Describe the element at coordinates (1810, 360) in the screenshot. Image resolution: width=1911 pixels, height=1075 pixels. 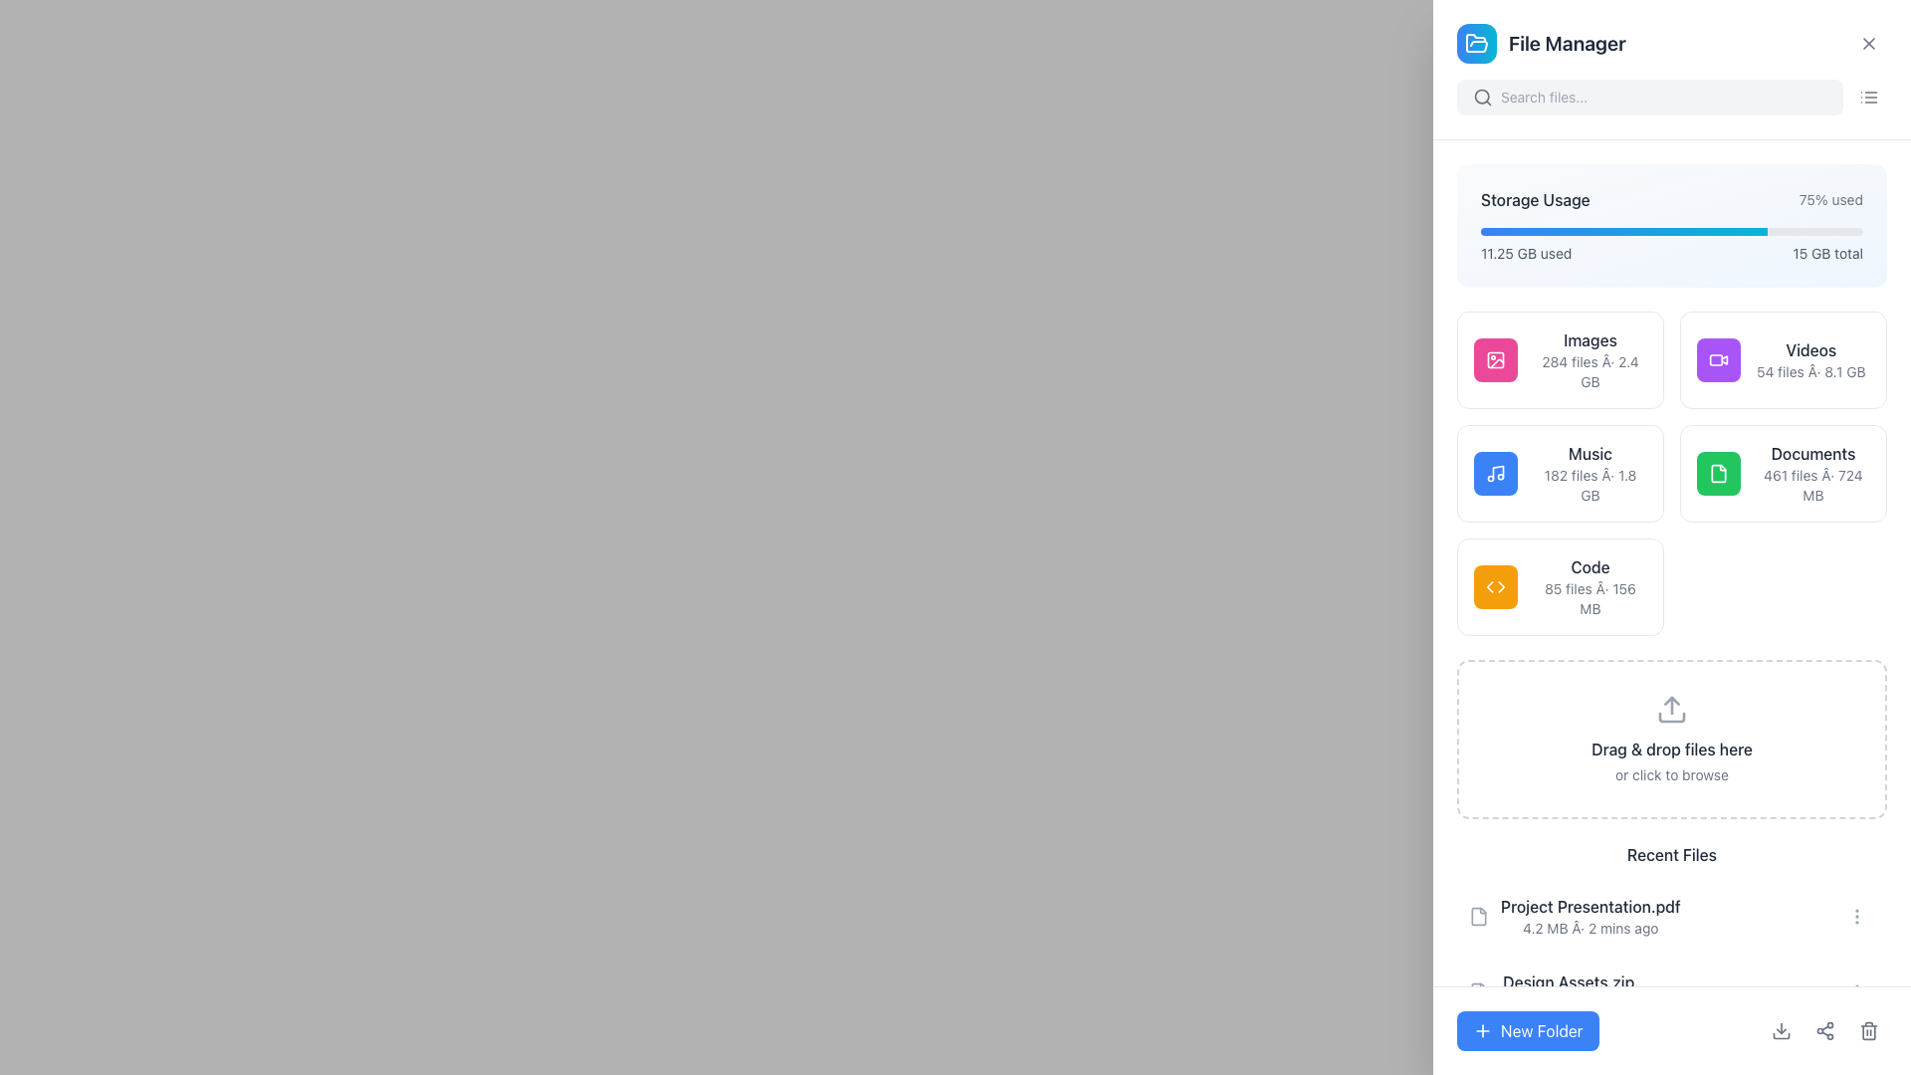
I see `summary information displayed in the 'Videos' category text label located in the second card of the 'File Manager' interface` at that location.